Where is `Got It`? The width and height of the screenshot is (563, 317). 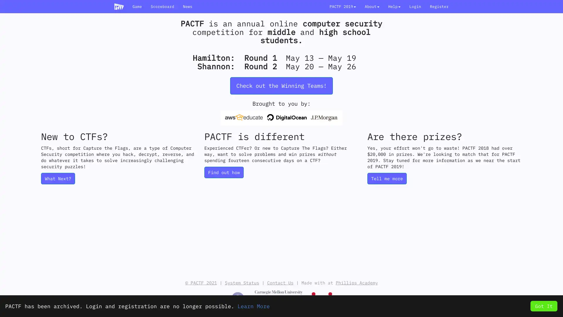
Got It is located at coordinates (543, 306).